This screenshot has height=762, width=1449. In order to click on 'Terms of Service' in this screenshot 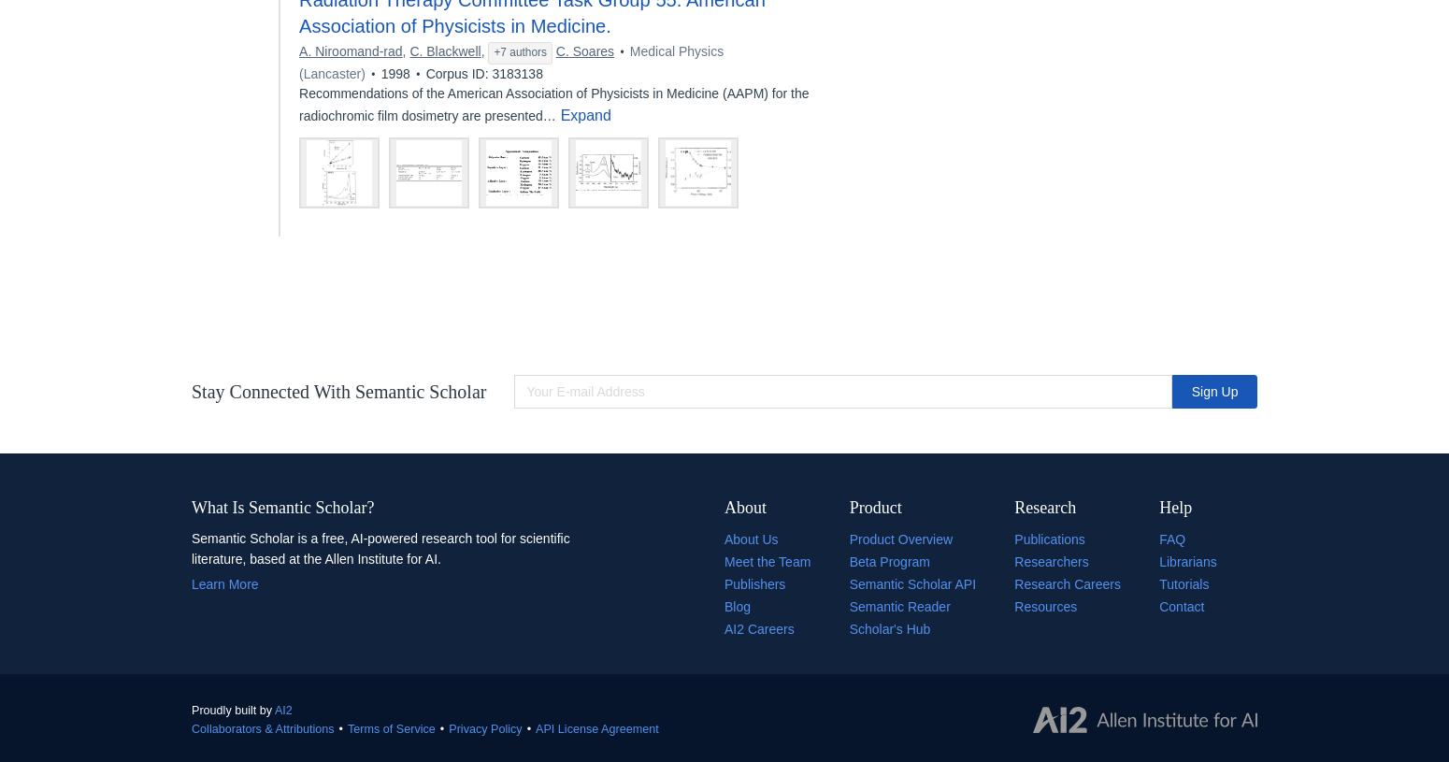, I will do `click(347, 727)`.